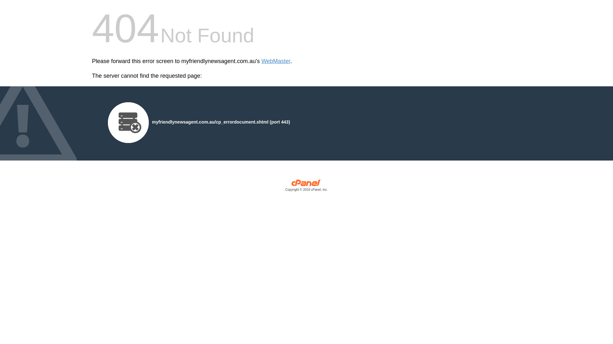 This screenshot has height=344, width=613. What do you see at coordinates (261, 61) in the screenshot?
I see `'WebMaster'` at bounding box center [261, 61].